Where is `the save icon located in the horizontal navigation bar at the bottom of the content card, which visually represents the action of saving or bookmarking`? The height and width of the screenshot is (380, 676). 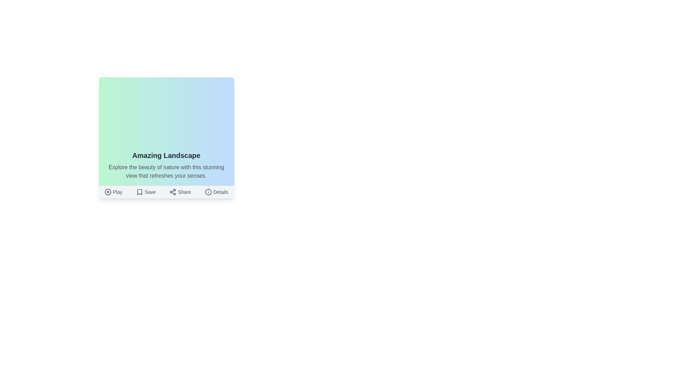 the save icon located in the horizontal navigation bar at the bottom of the content card, which visually represents the action of saving or bookmarking is located at coordinates (139, 192).